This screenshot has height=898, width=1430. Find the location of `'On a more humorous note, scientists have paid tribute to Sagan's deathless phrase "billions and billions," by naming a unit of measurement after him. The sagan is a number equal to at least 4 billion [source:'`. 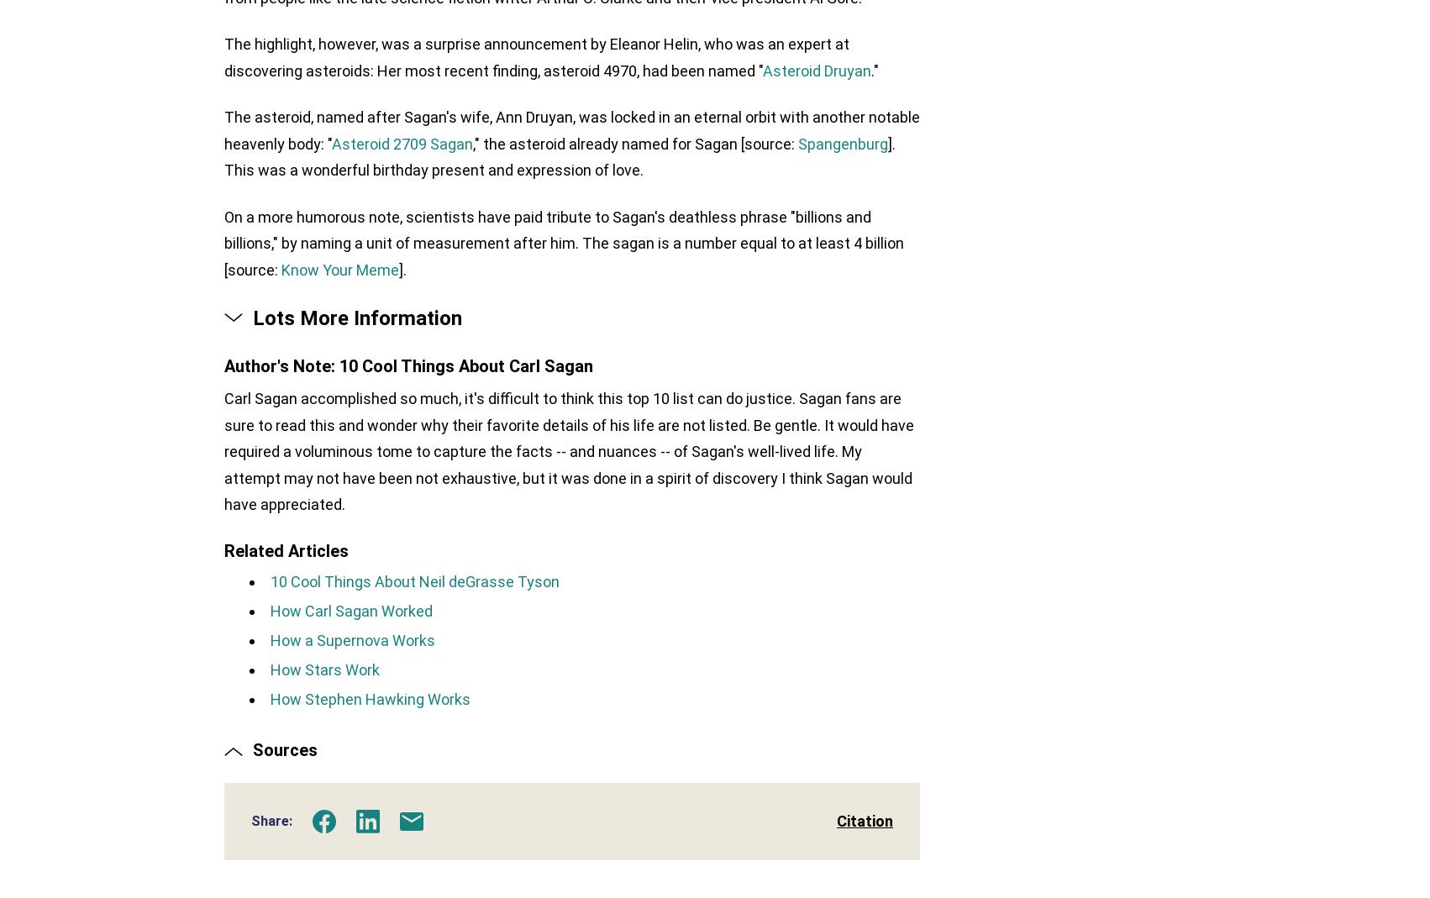

'On a more humorous note, scientists have paid tribute to Sagan's deathless phrase "billions and billions," by naming a unit of measurement after him. The sagan is a number equal to at least 4 billion [source:' is located at coordinates (564, 245).